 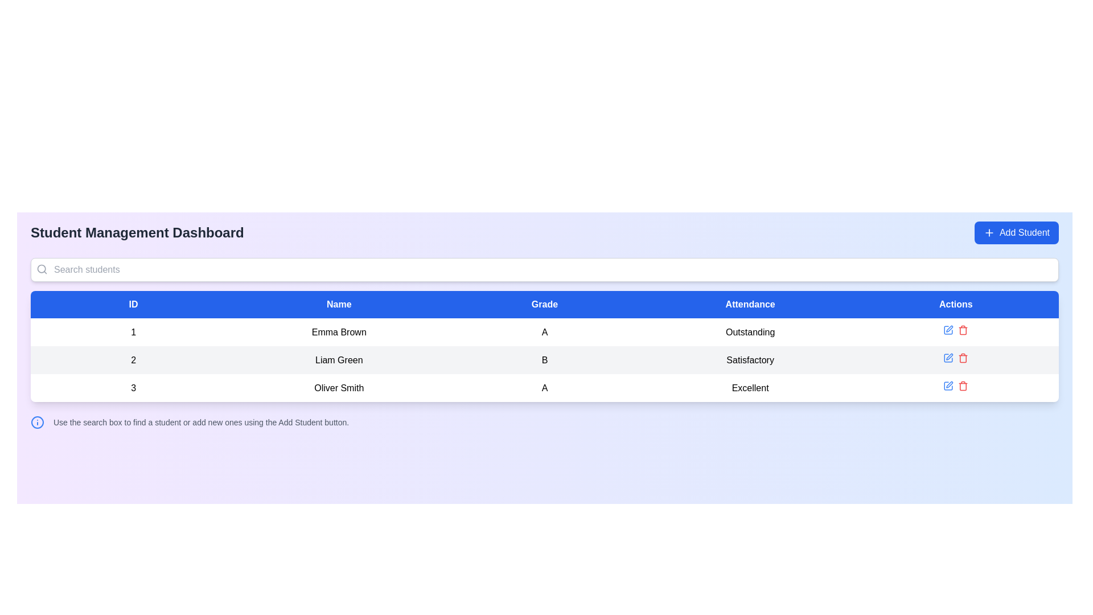 What do you see at coordinates (338, 304) in the screenshot?
I see `the 'Name' column header in the table, which is the second column header located immediately to the right of the 'ID' header` at bounding box center [338, 304].